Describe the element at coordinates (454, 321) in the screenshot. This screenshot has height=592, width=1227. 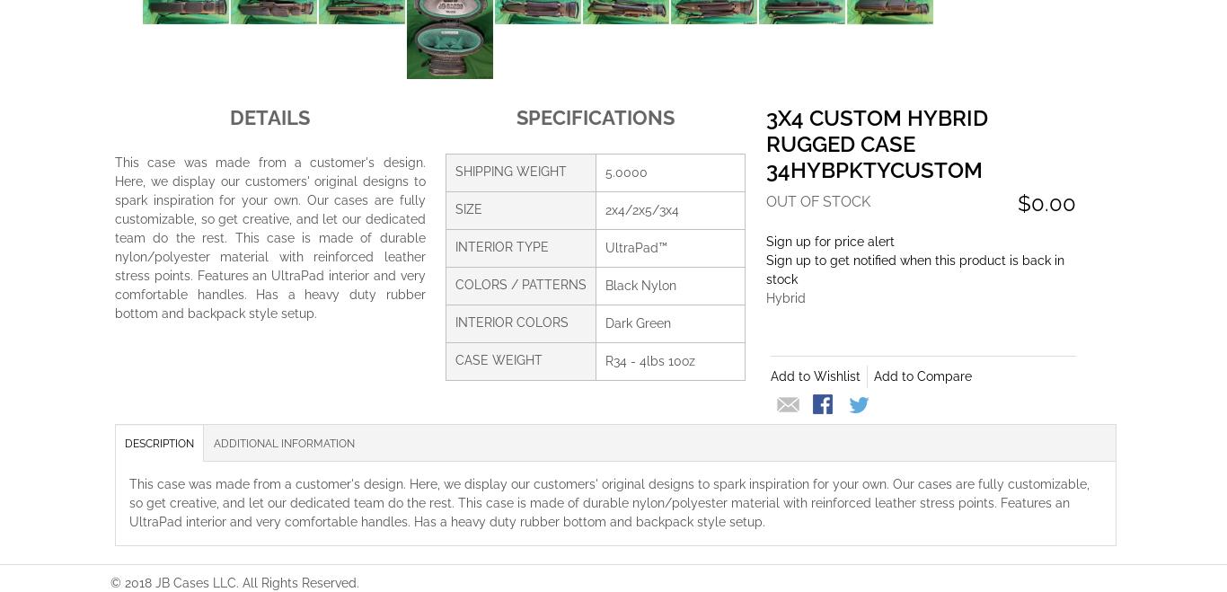
I see `'Interior Colors'` at that location.